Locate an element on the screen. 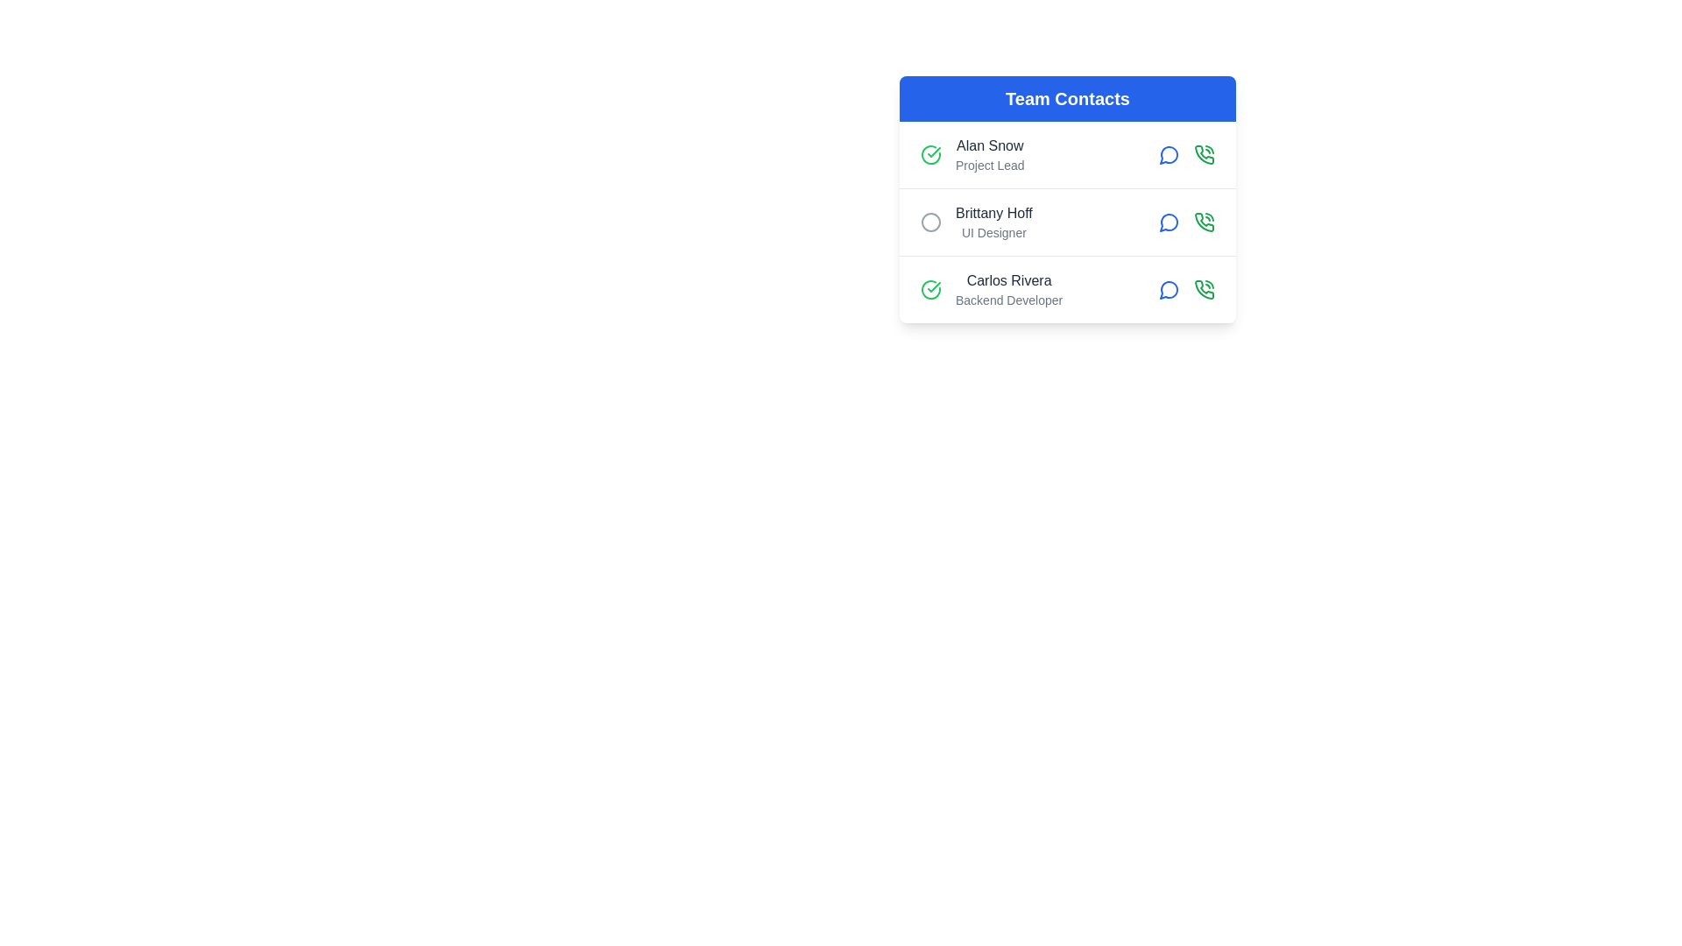 This screenshot has height=946, width=1682. the contact row corresponding to Carlos Rivera is located at coordinates (1067, 288).